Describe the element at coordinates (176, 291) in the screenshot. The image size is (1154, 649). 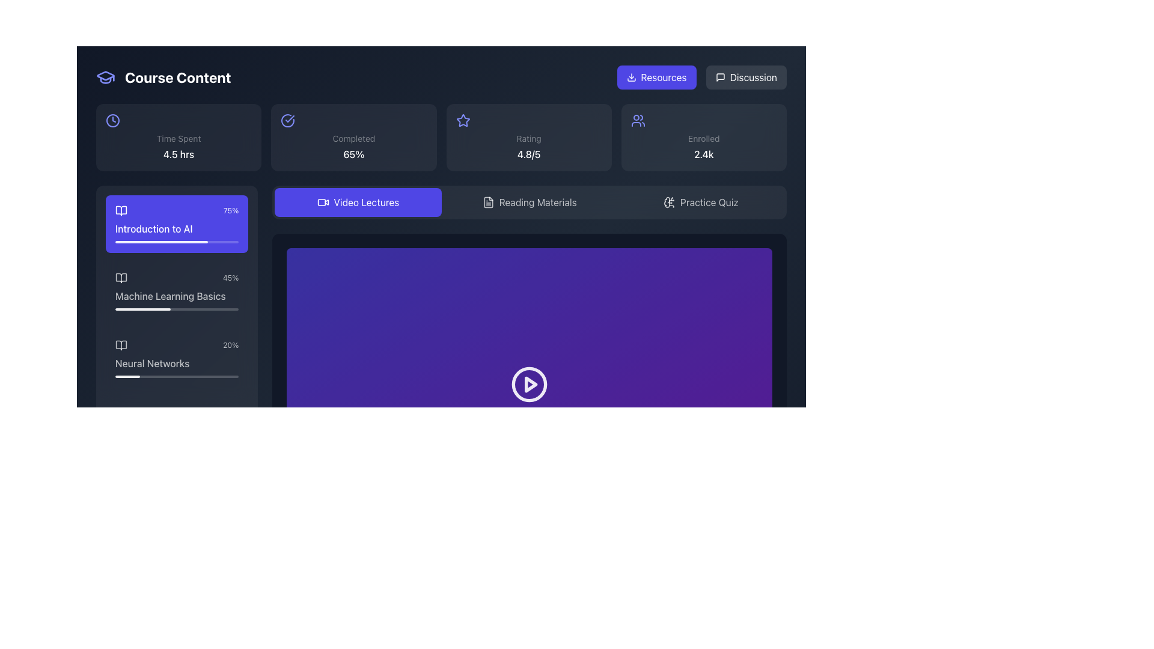
I see `on the second interactive card in the 'Course Content' panel` at that location.